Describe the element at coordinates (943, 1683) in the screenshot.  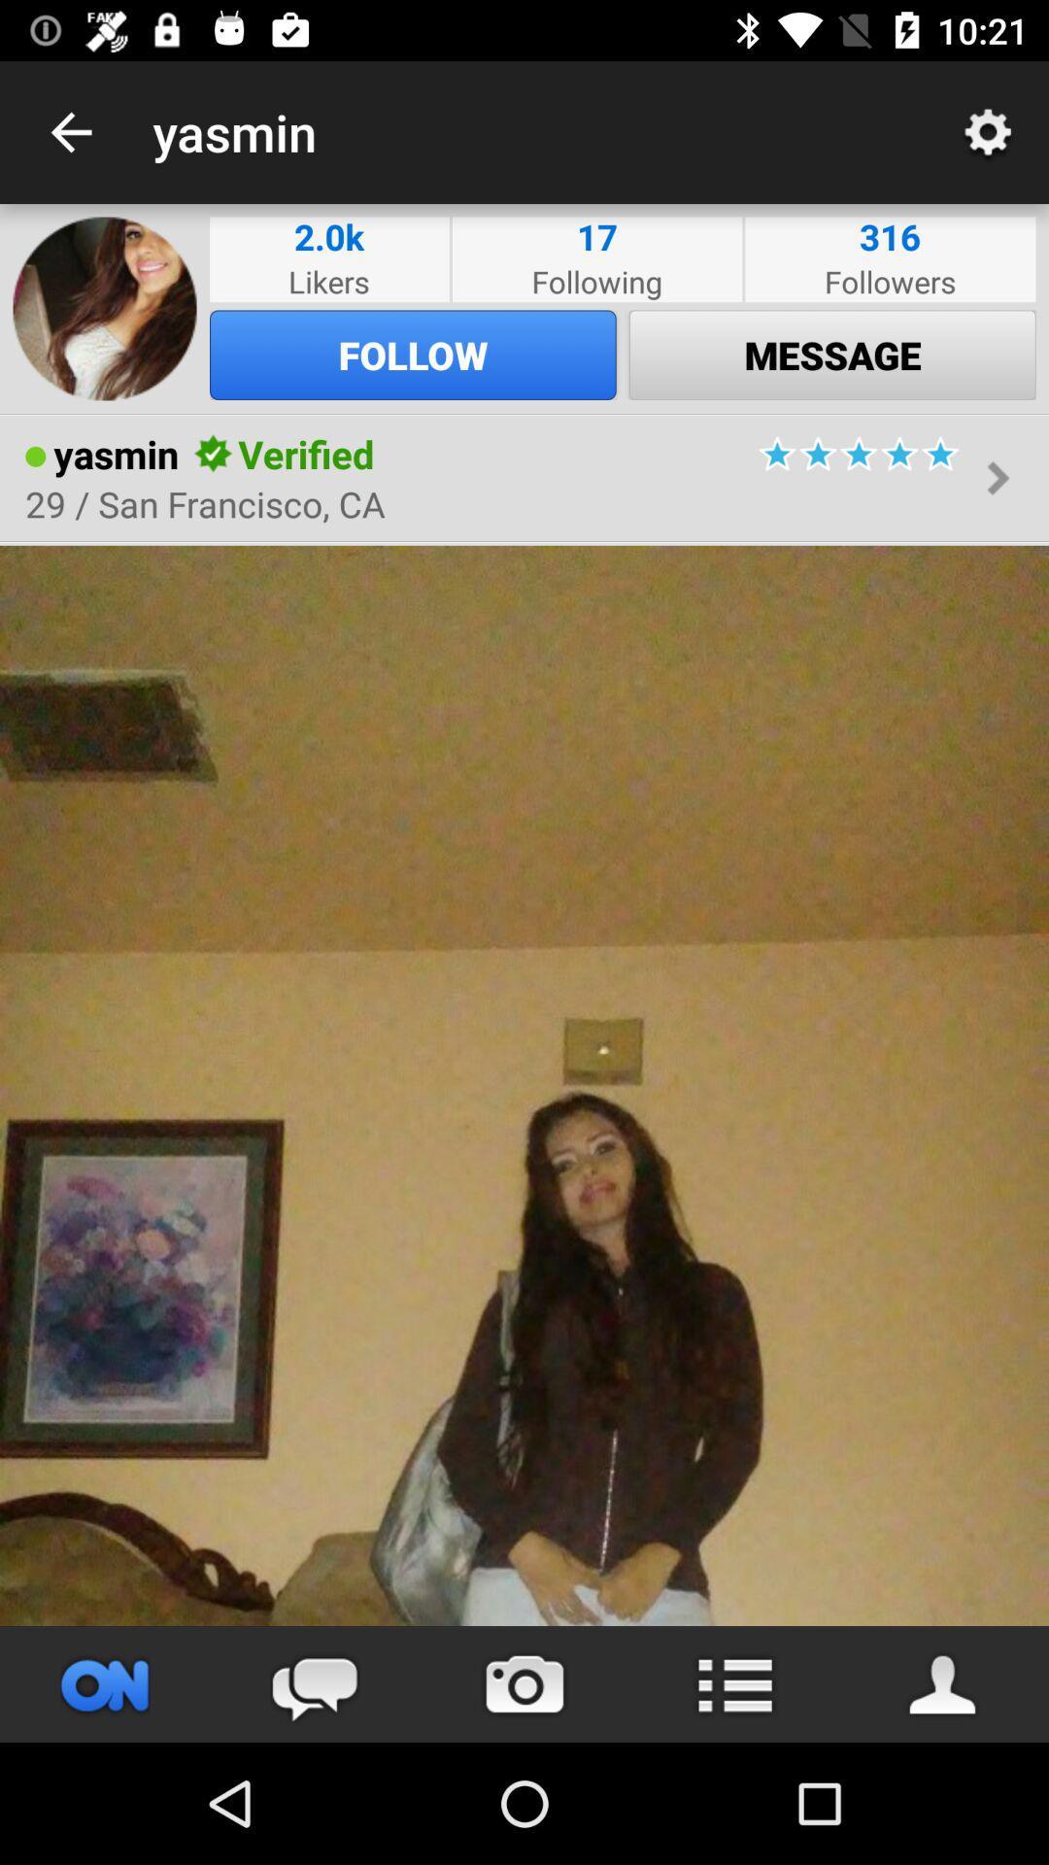
I see `user` at that location.